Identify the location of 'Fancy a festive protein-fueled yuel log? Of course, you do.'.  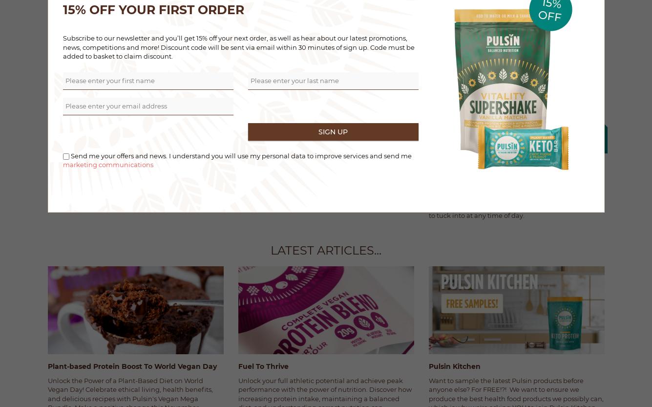
(323, 201).